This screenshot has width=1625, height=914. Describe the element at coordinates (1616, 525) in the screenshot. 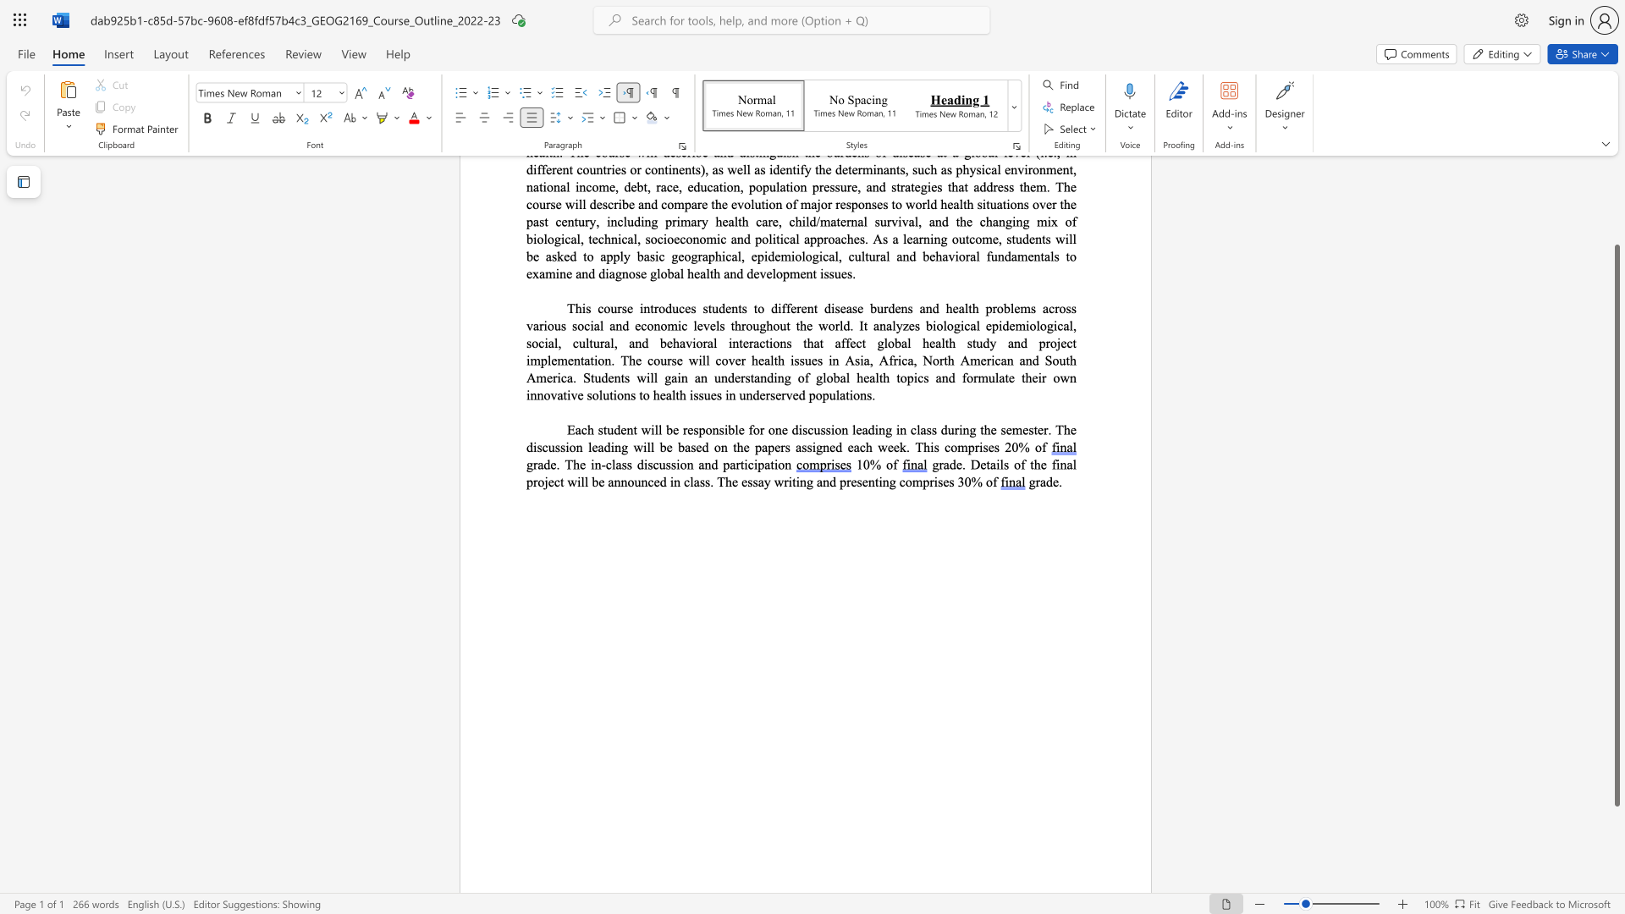

I see `the scrollbar and move up 100 pixels` at that location.